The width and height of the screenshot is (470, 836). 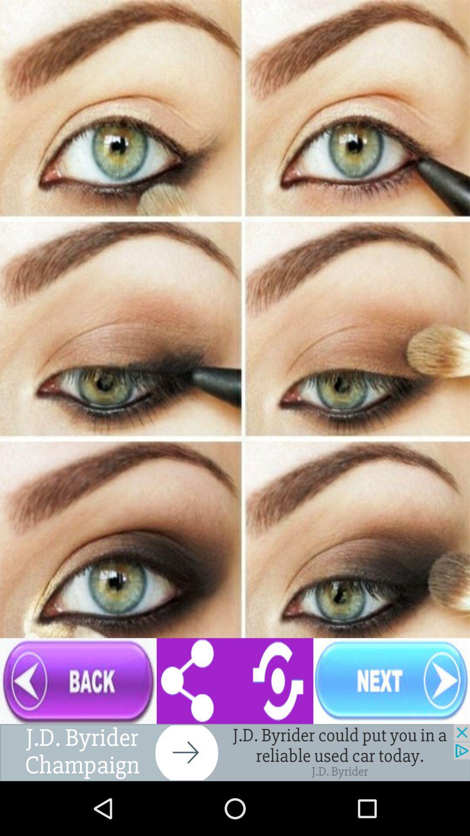 What do you see at coordinates (391, 681) in the screenshot?
I see `next option` at bounding box center [391, 681].